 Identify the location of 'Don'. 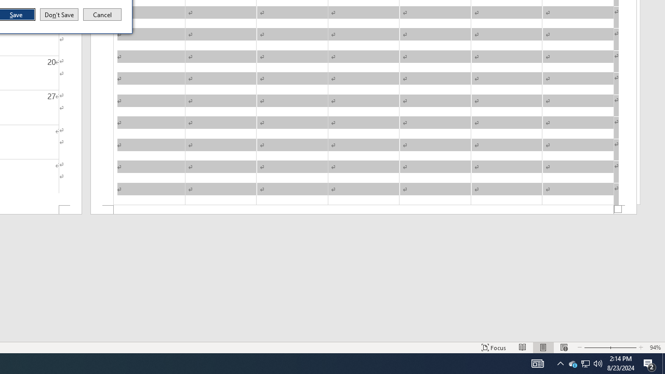
(58, 15).